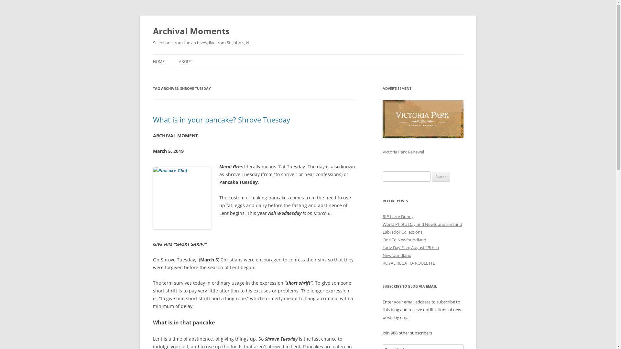  I want to click on 'ROYAL REGATTA ROULETTE', so click(408, 263).